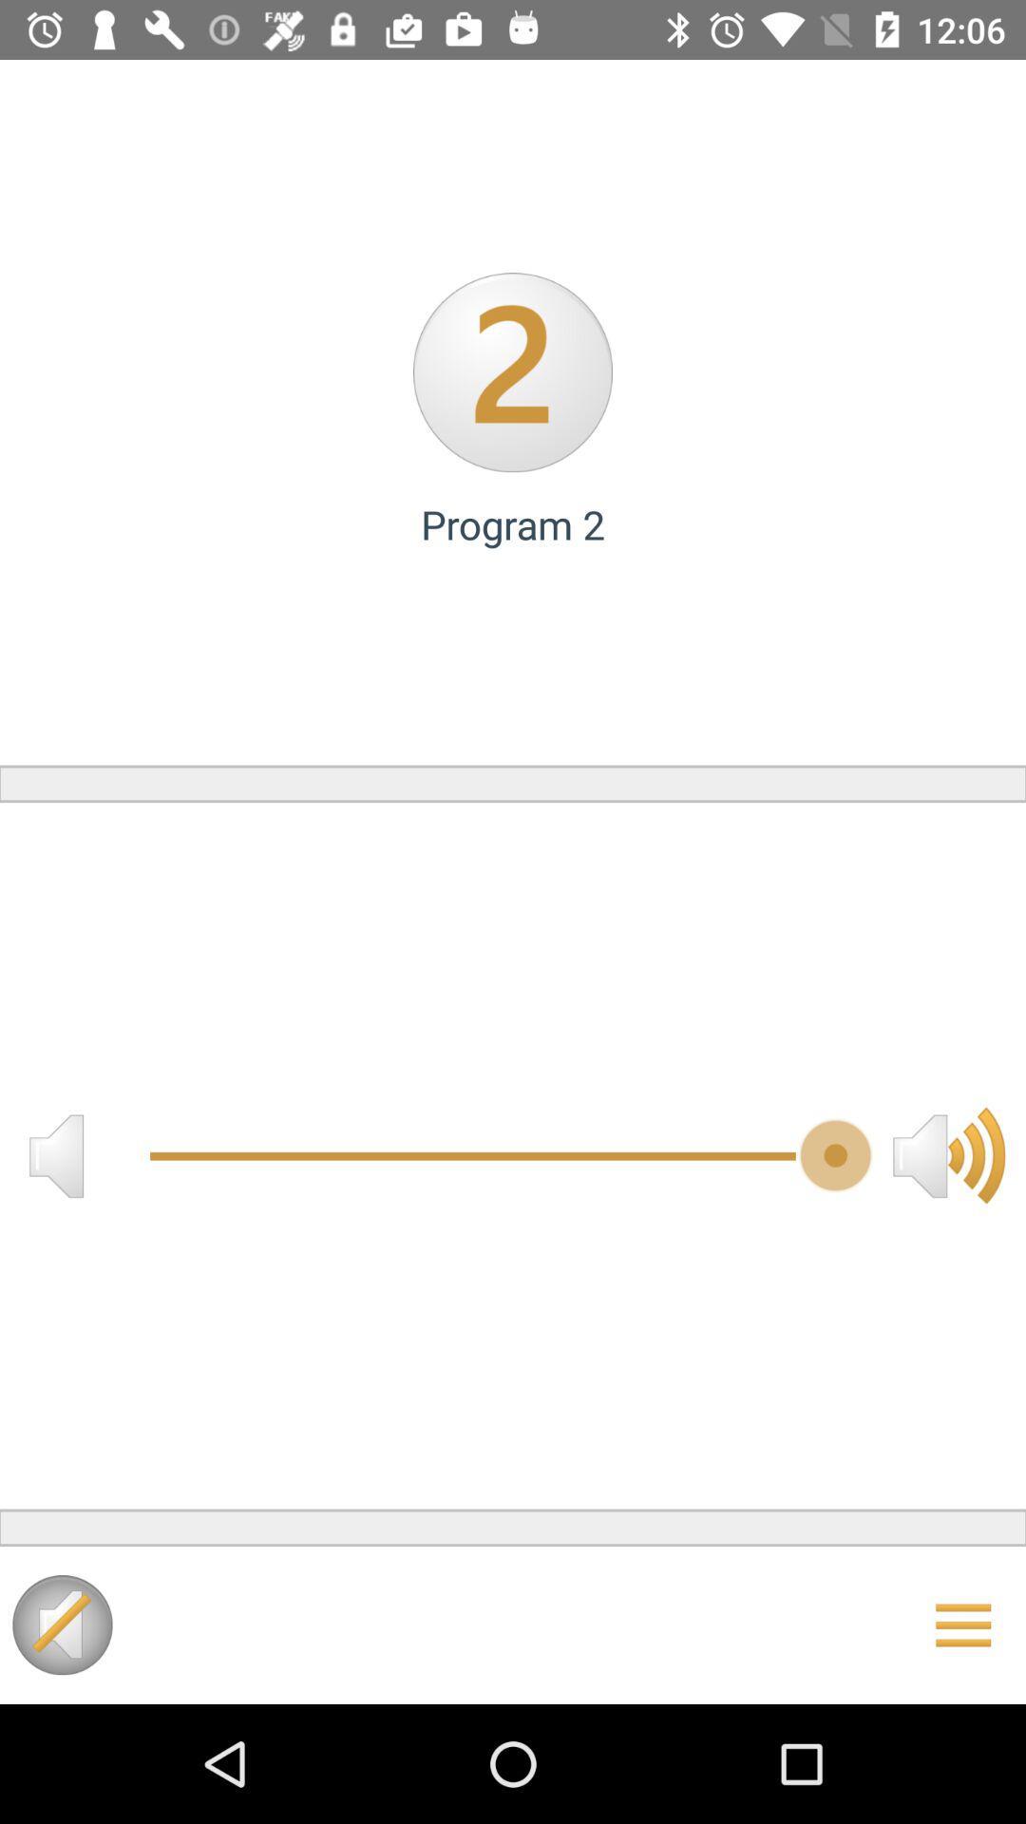 The image size is (1026, 1824). I want to click on mute, so click(55, 1154).